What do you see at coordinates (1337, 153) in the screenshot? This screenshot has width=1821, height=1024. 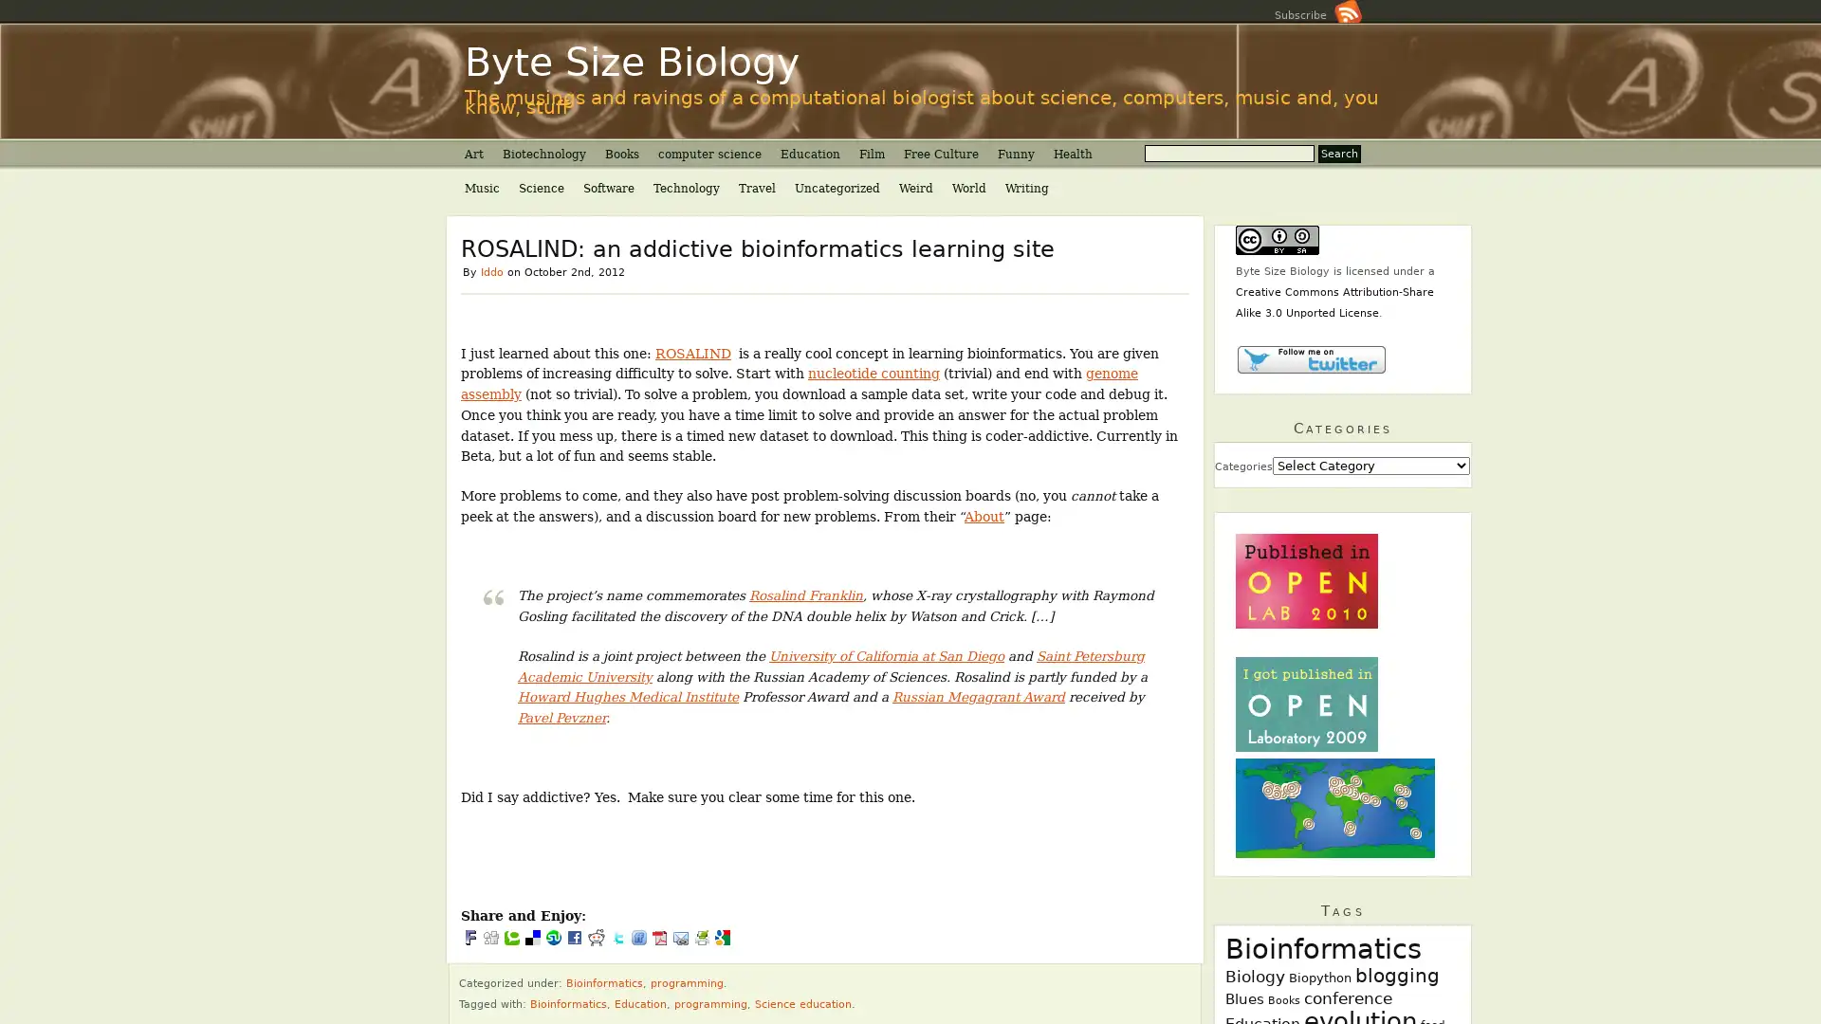 I see `Search` at bounding box center [1337, 153].